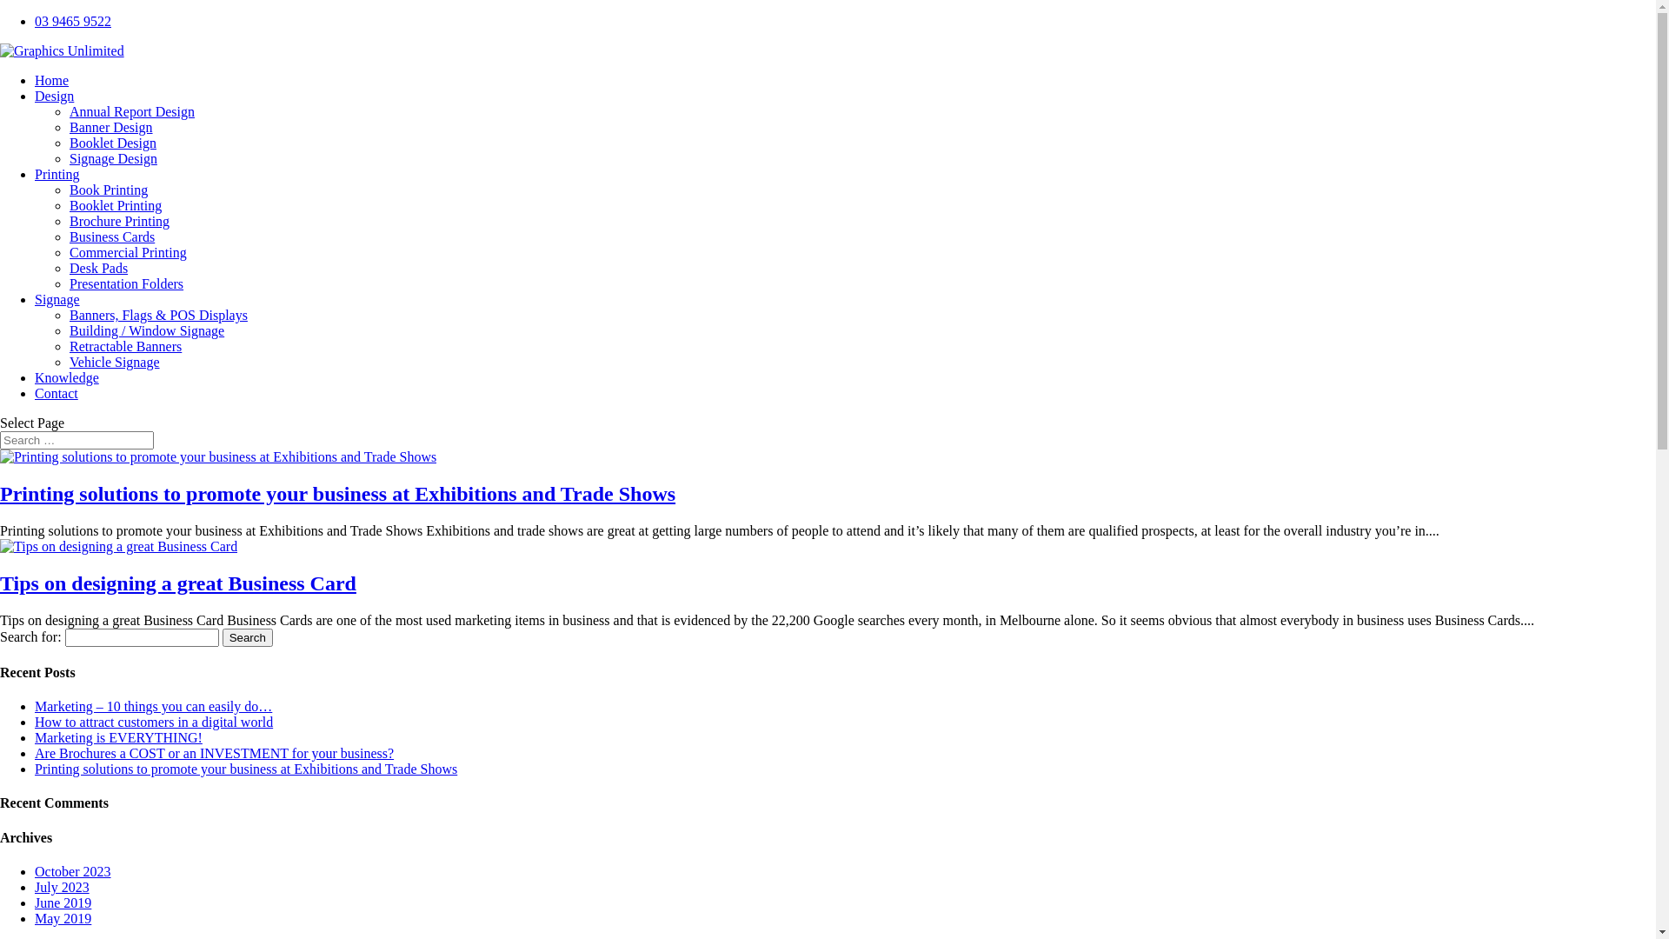 The width and height of the screenshot is (1669, 939). Describe the element at coordinates (111, 236) in the screenshot. I see `'Business Cards'` at that location.